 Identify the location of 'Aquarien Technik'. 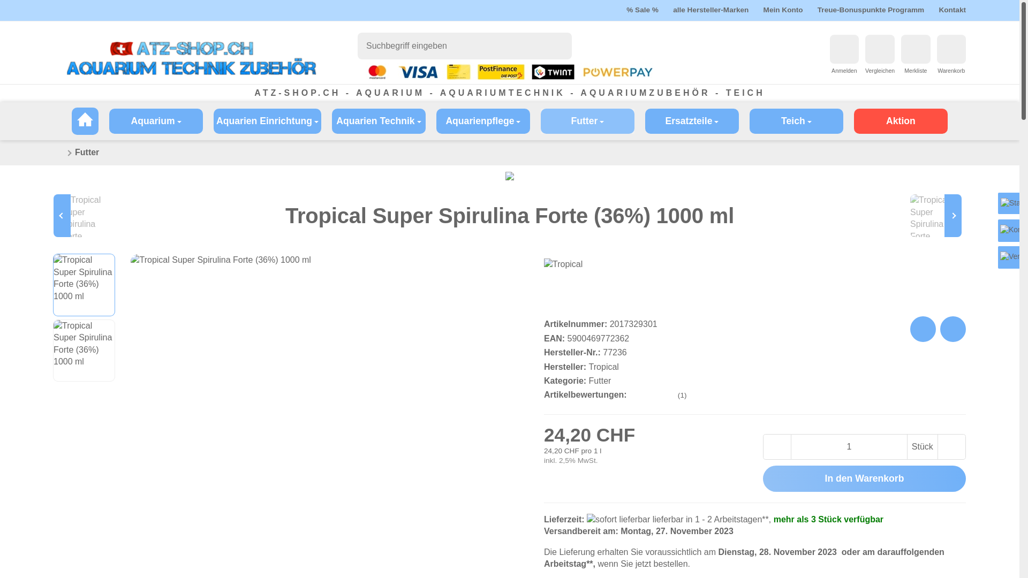
(331, 120).